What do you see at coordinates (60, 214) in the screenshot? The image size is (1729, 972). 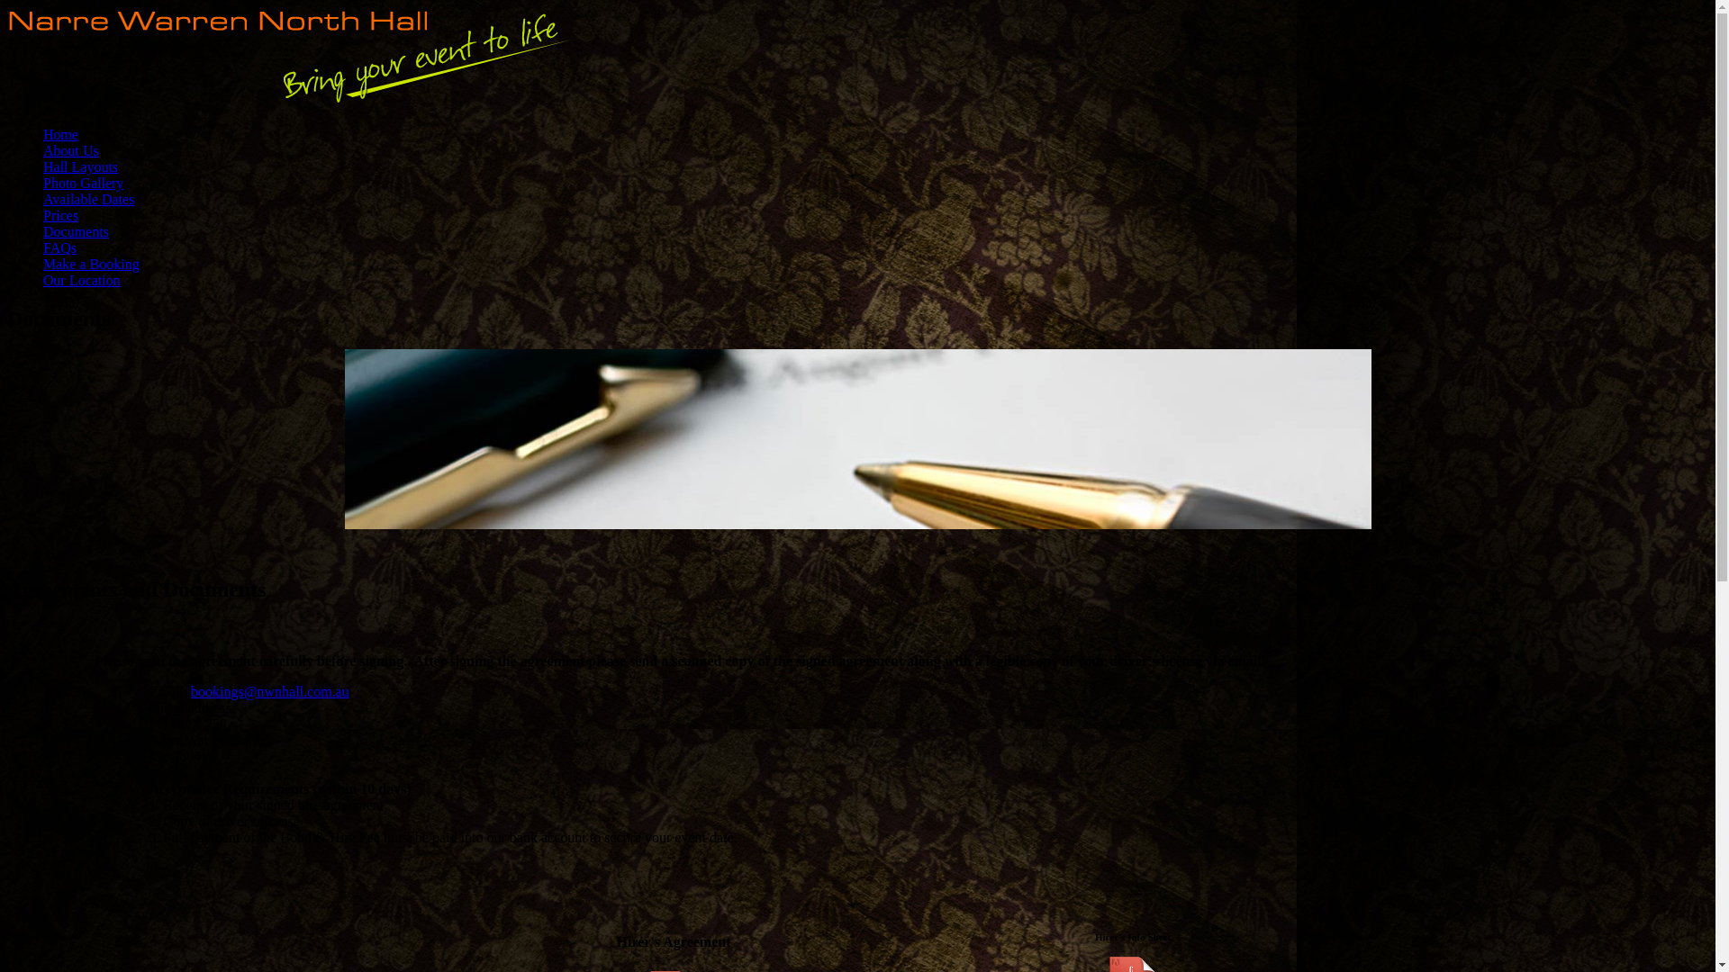 I see `'Prices'` at bounding box center [60, 214].